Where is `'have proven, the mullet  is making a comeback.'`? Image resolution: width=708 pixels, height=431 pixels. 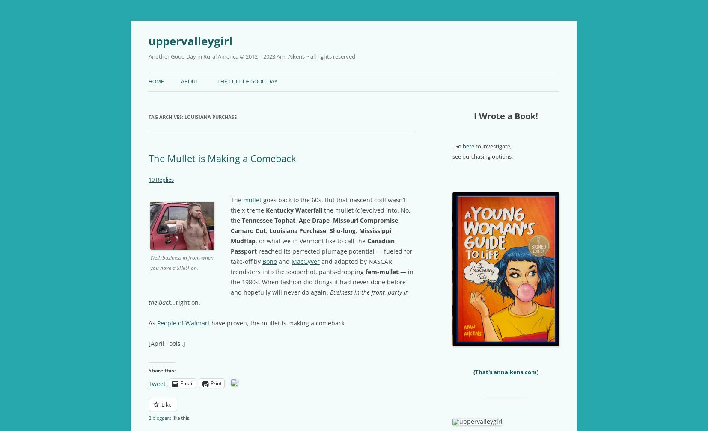 'have proven, the mullet  is making a comeback.' is located at coordinates (278, 322).